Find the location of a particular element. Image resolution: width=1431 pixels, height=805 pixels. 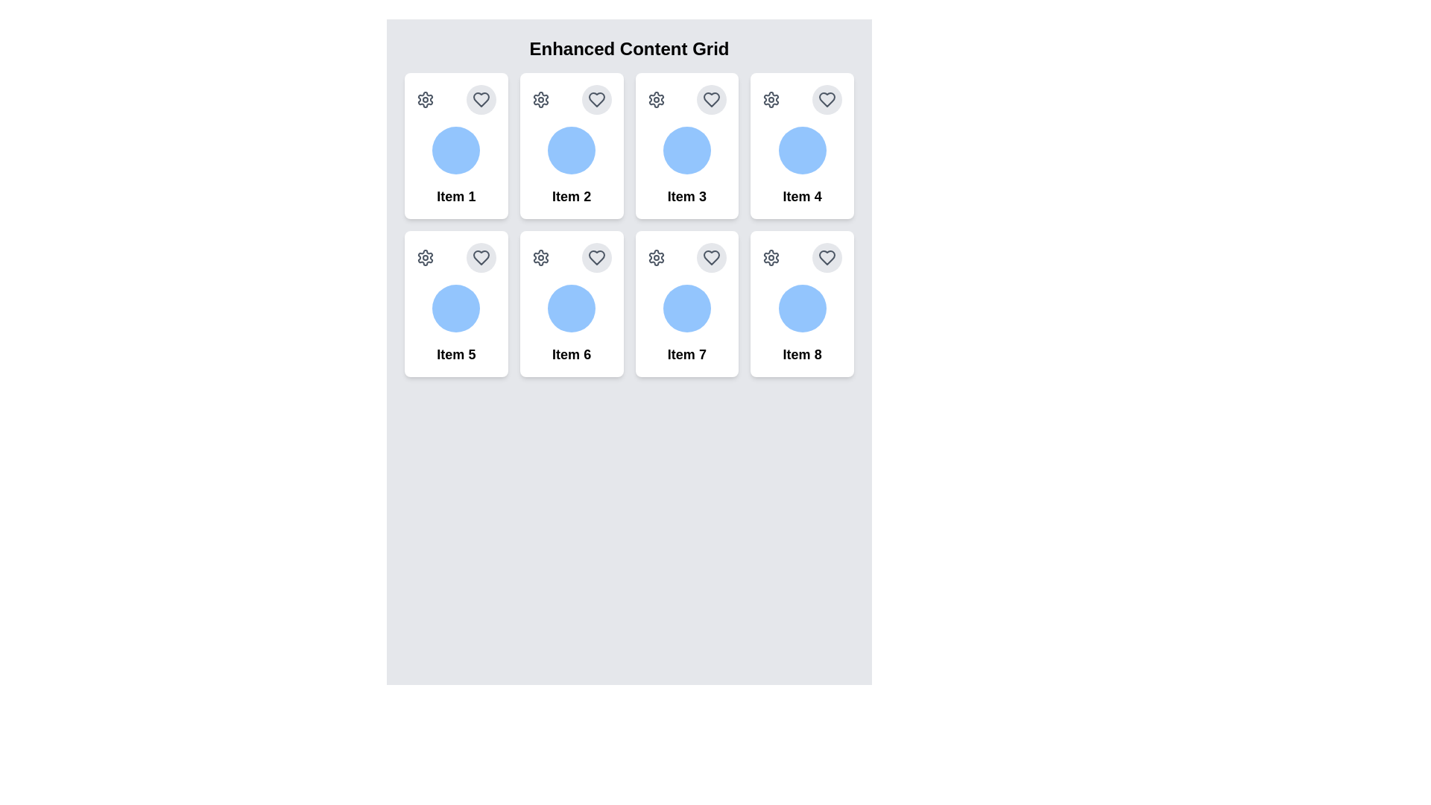

the cogwheel-like icon in the top-right corner of the grid, above the label 'Item 4' is located at coordinates (771, 100).